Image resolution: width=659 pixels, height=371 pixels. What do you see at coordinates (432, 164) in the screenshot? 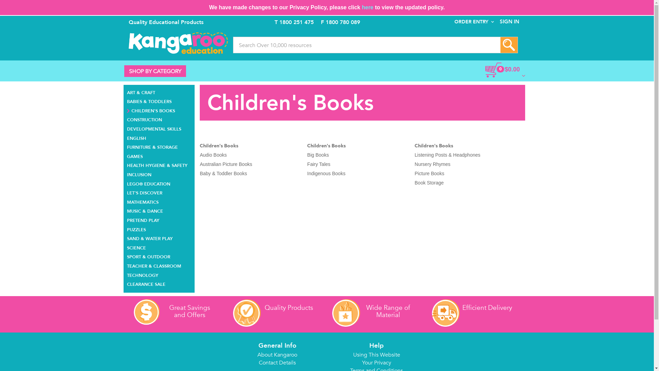
I see `'Nursery Rhymes'` at bounding box center [432, 164].